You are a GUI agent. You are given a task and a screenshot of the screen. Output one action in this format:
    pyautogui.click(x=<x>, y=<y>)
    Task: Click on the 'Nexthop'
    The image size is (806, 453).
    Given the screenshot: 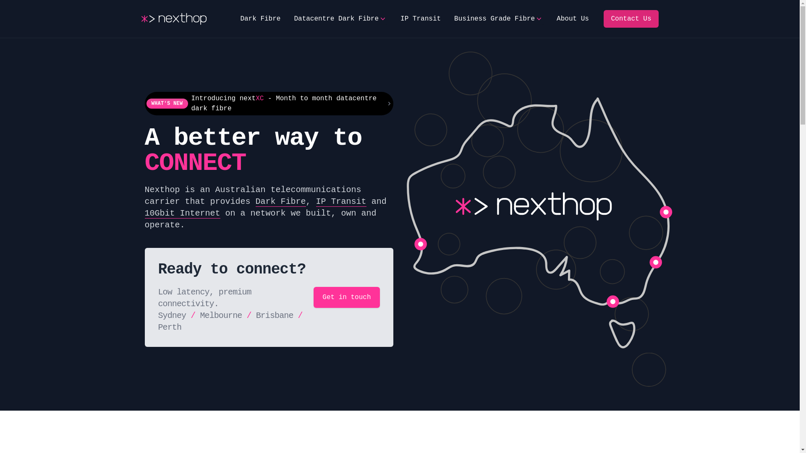 What is the action you would take?
    pyautogui.click(x=141, y=19)
    